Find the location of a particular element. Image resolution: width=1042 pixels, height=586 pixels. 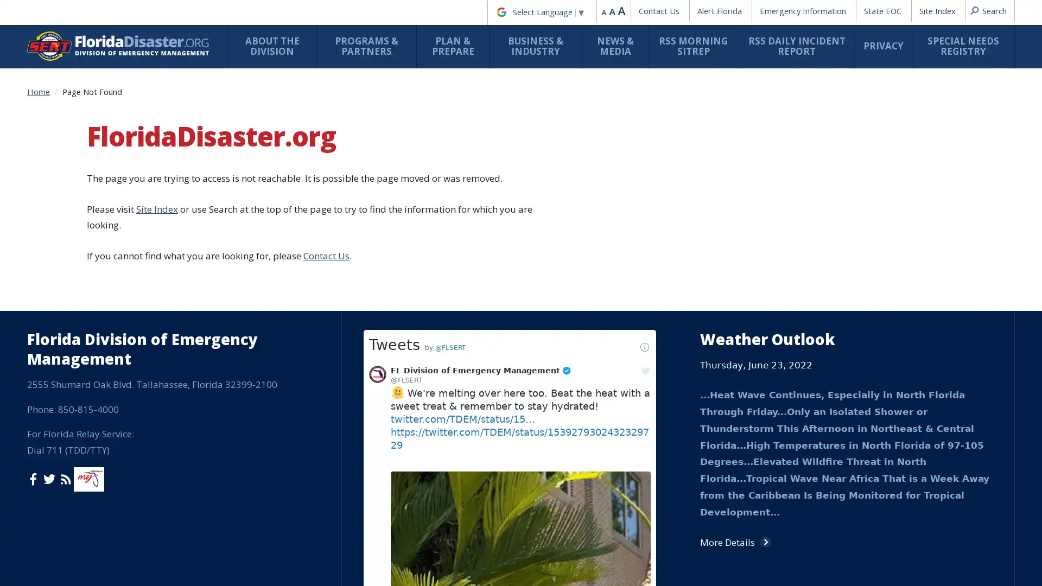

Toggle More is located at coordinates (326, 242).